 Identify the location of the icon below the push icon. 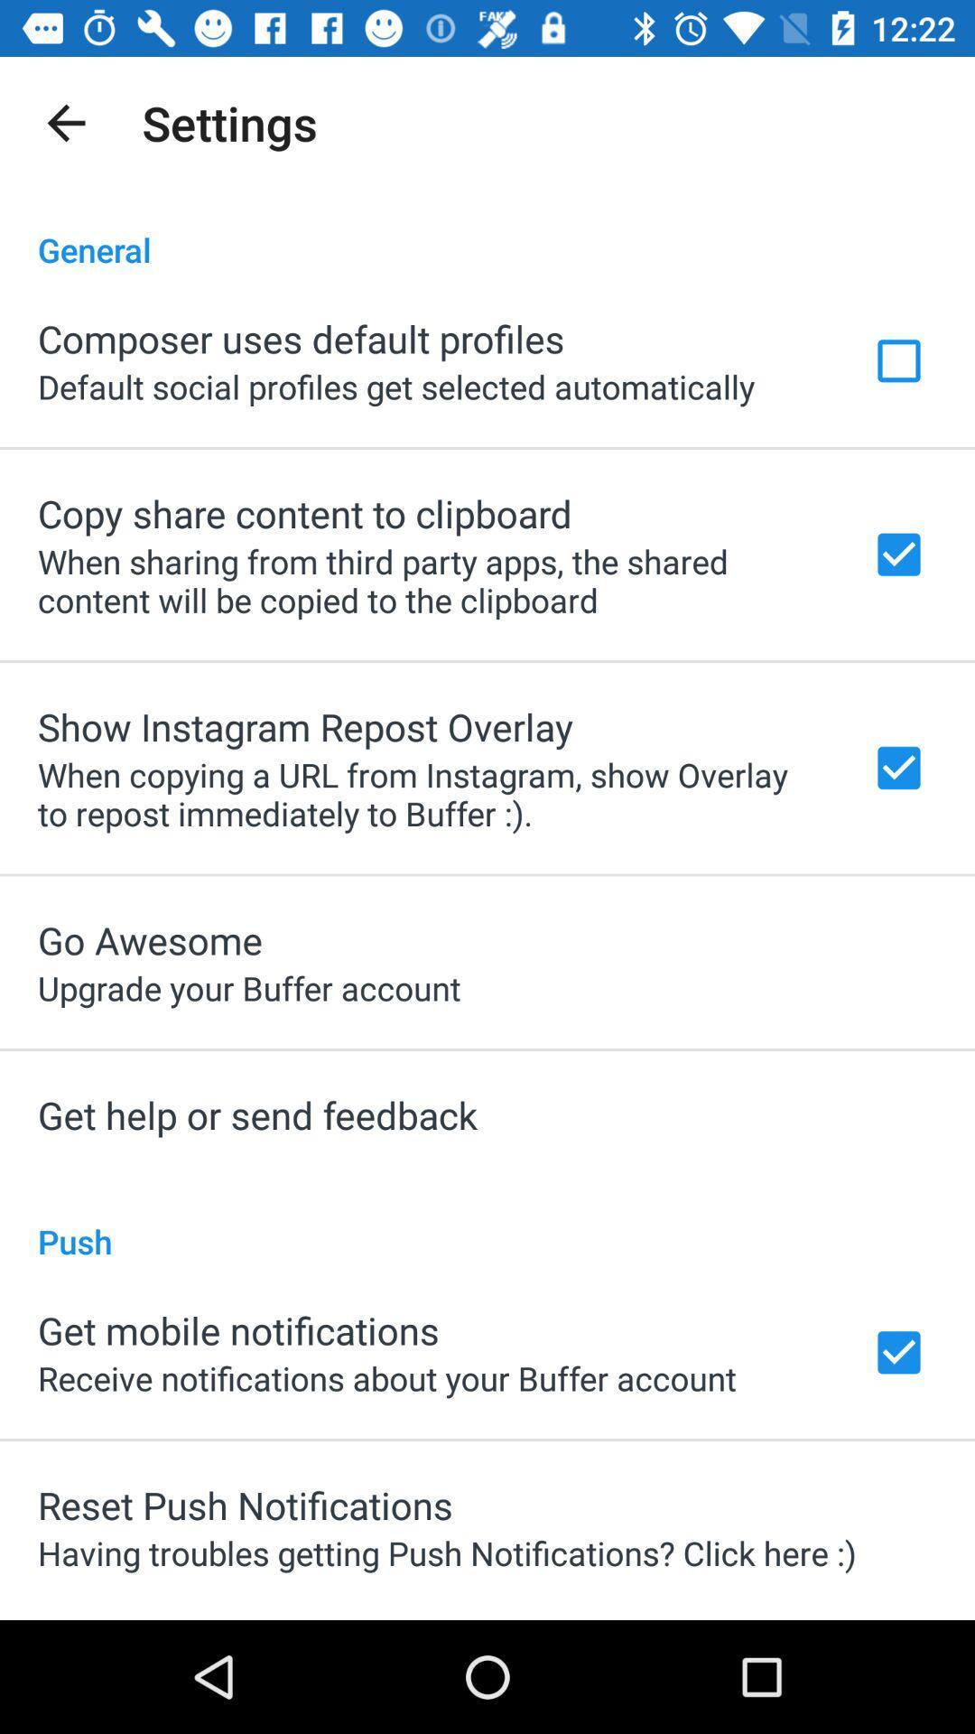
(237, 1330).